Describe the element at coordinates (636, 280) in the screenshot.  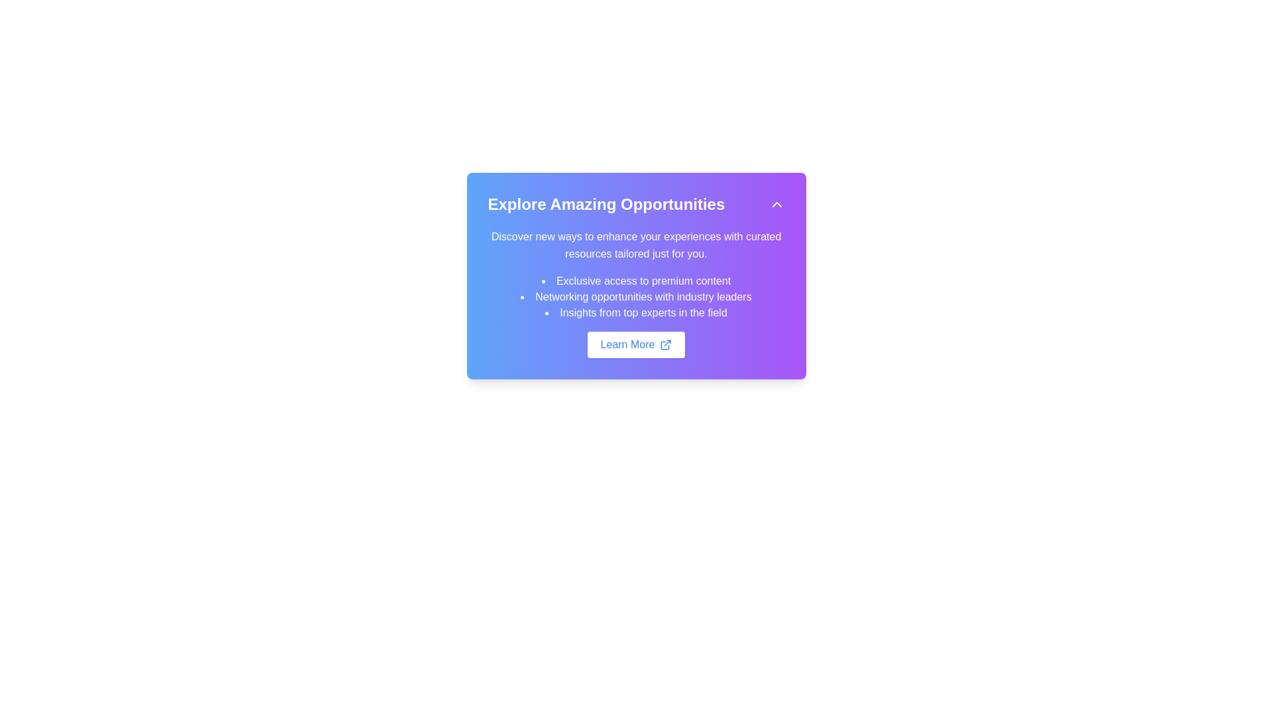
I see `the informational text item that conveys the availability of premium content access, which is the first item in a list of three bullet points within the 'Explore Amazing Opportunities' card` at that location.